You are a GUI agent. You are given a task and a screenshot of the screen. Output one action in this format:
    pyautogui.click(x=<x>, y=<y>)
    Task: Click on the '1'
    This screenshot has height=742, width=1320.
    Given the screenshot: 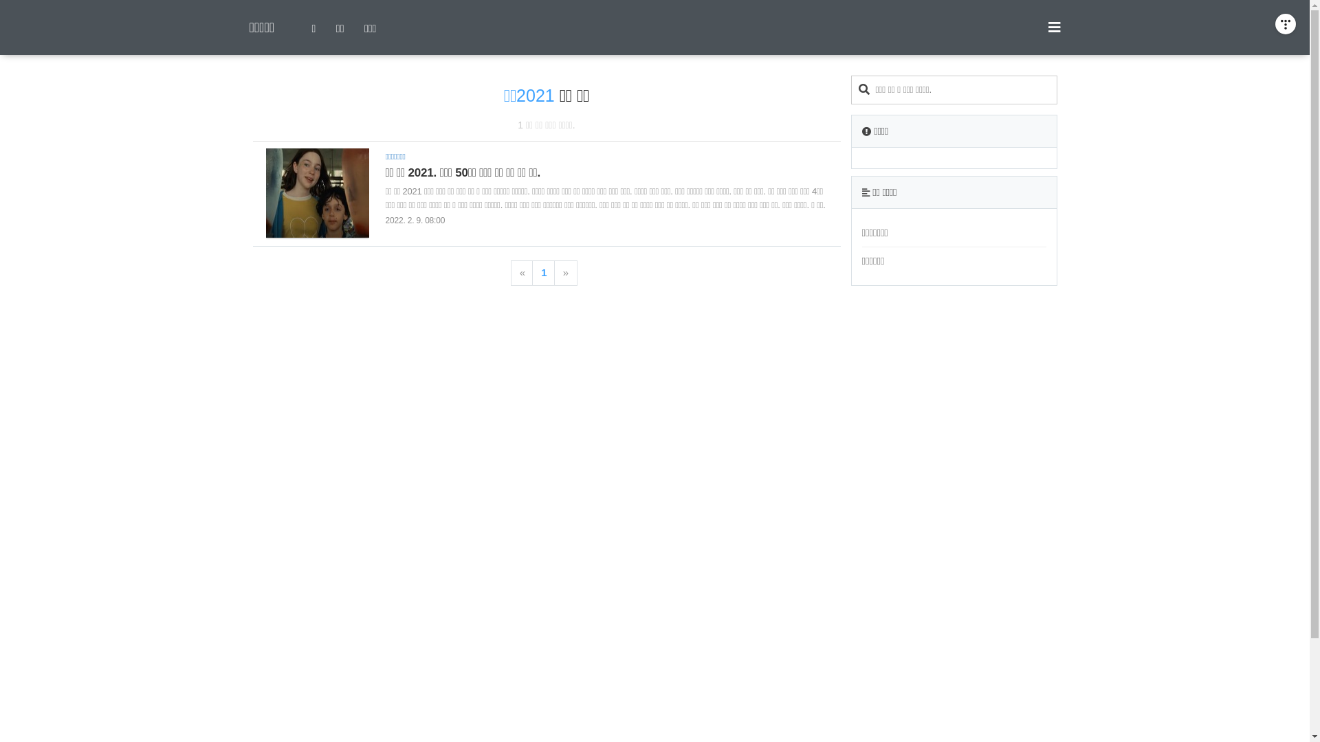 What is the action you would take?
    pyautogui.click(x=543, y=273)
    